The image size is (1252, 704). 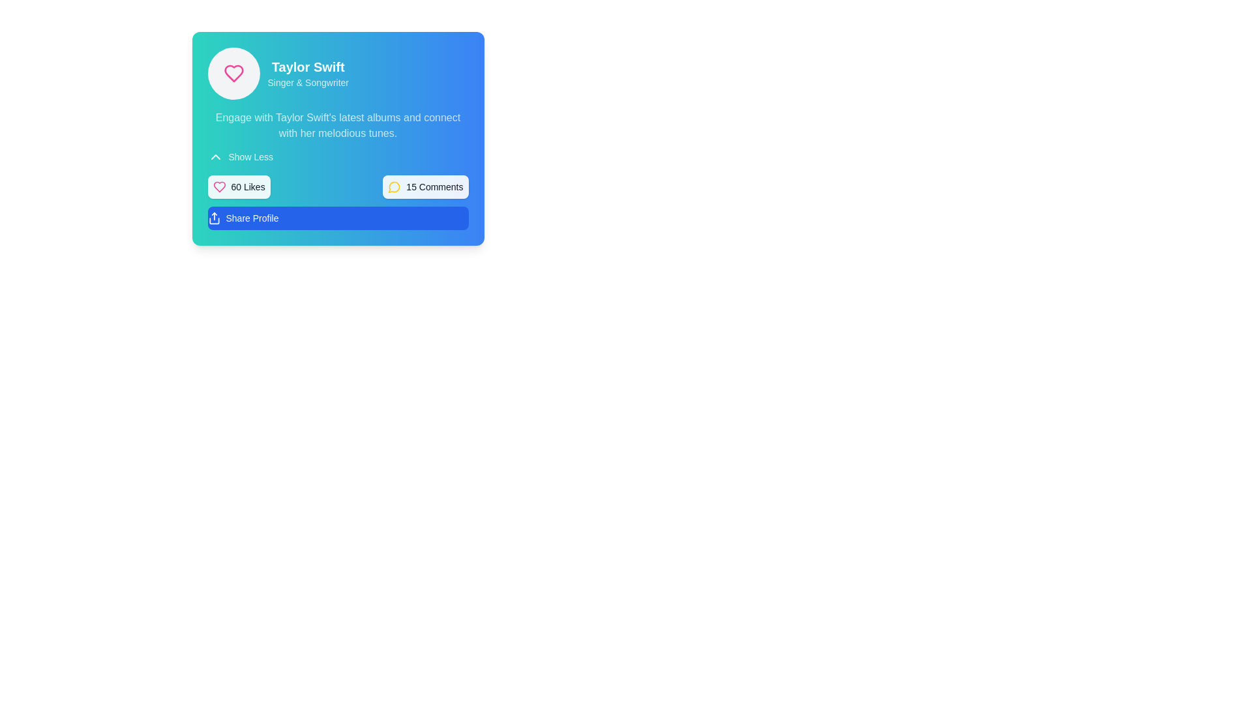 What do you see at coordinates (307, 67) in the screenshot?
I see `the text label 'Taylor Swift' to use it as a title reference` at bounding box center [307, 67].